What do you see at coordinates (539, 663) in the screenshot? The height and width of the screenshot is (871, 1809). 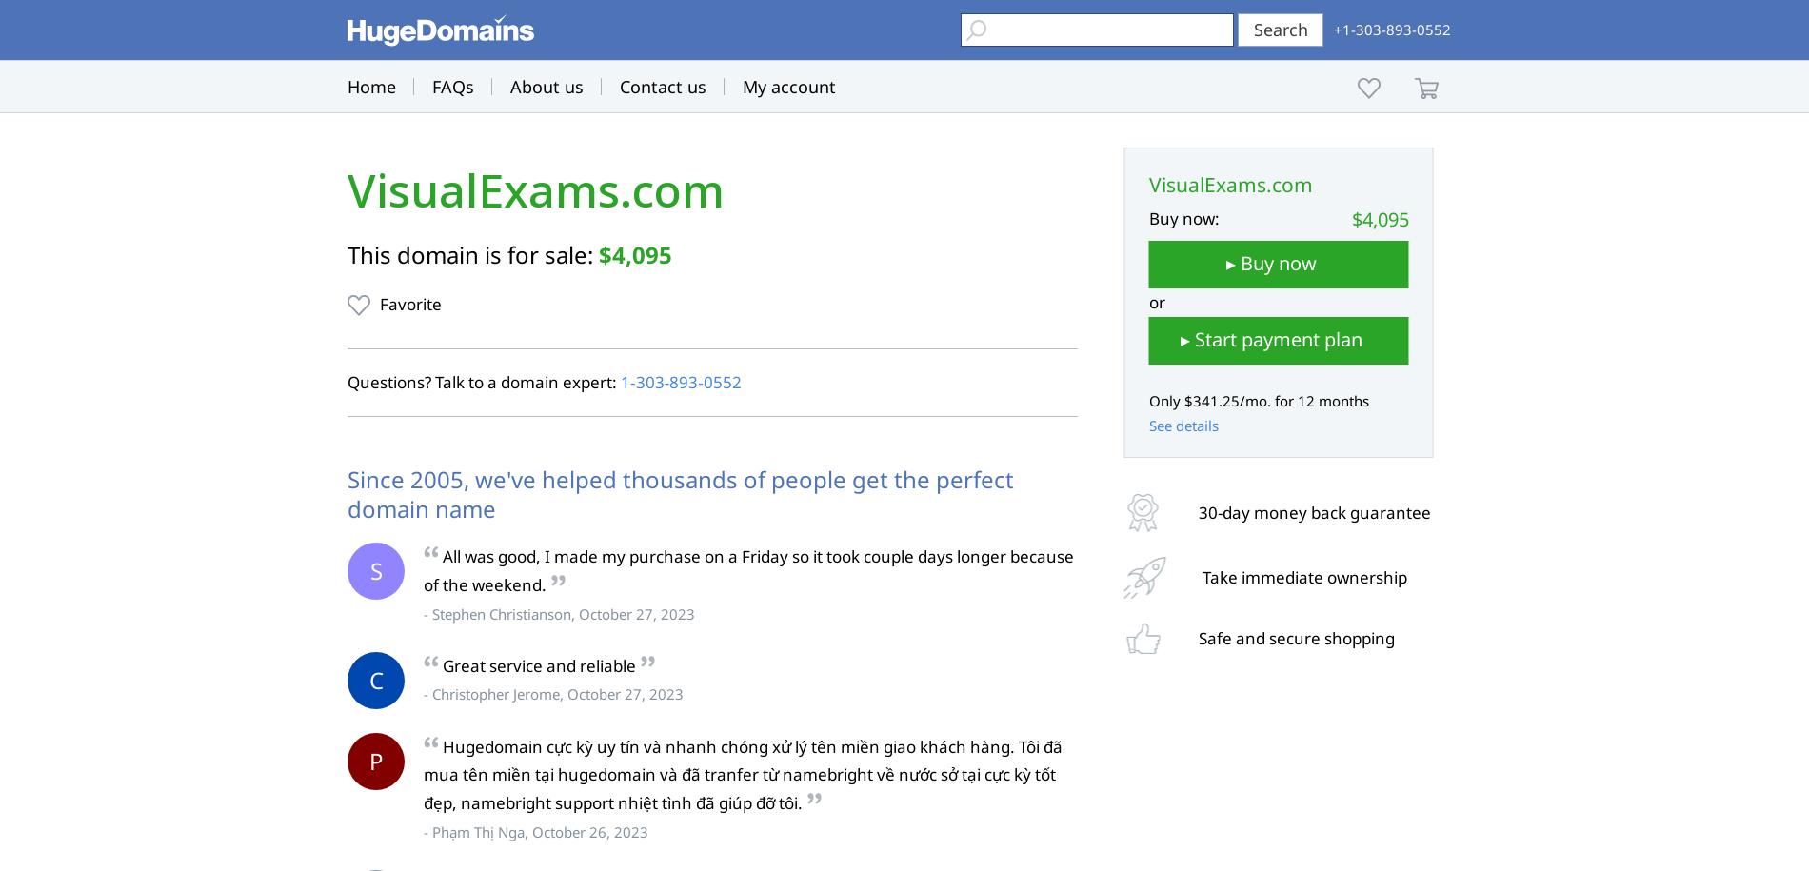 I see `'Great service and reliable'` at bounding box center [539, 663].